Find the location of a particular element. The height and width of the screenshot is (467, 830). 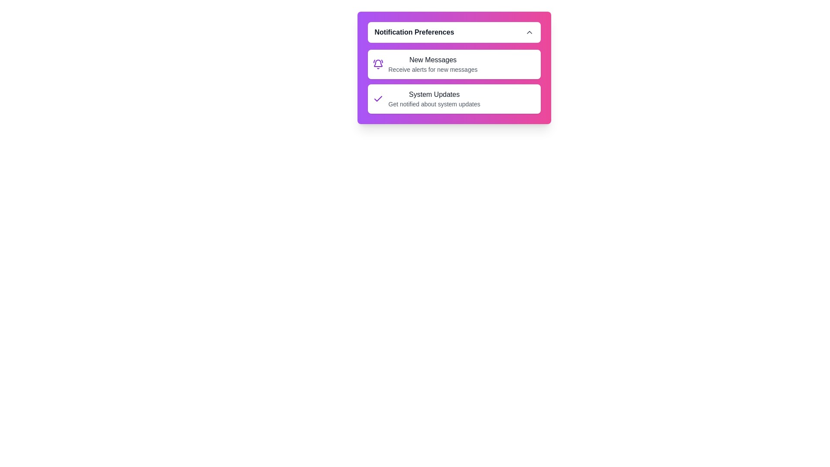

the arrow button to toggle the expanded state of the notification panel is located at coordinates (529, 32).